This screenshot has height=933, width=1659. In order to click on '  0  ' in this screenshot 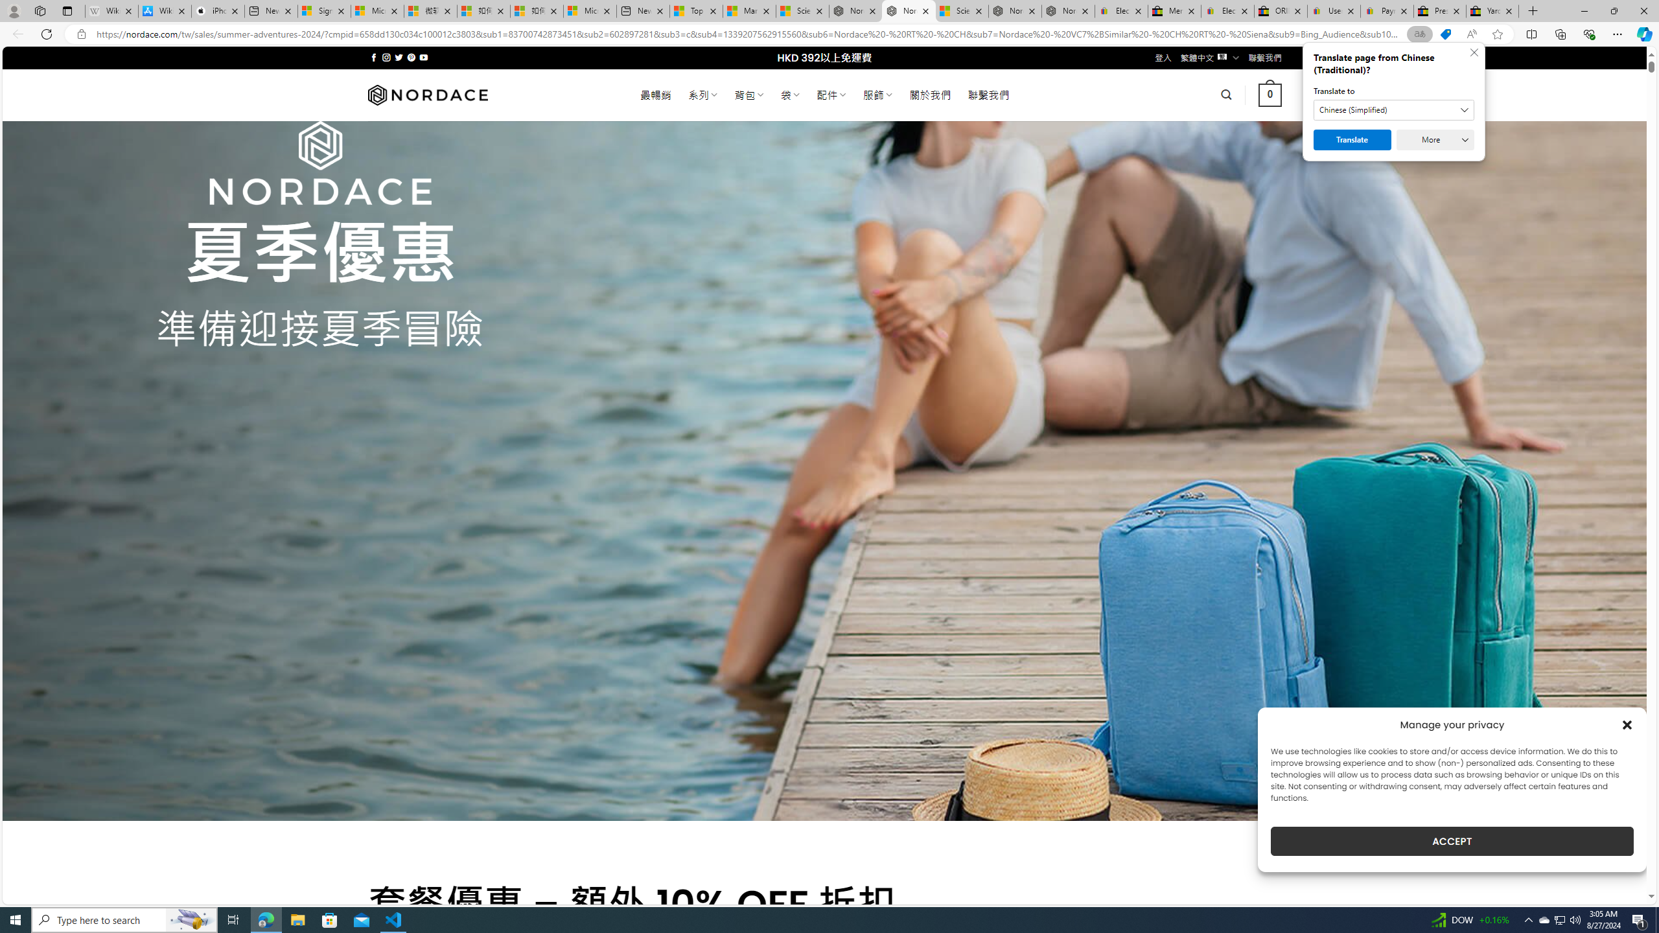, I will do `click(1270, 94)`.